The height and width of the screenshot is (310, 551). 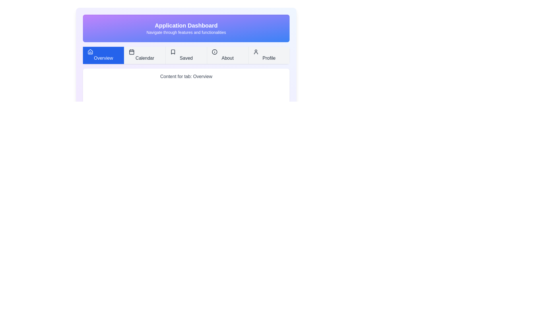 I want to click on the icon in the navigation bar that indicates saved items or bookmarks, located above the text labeled 'Saved'. It is the third item from the left, following 'Overview' and 'Calendar', so click(x=173, y=52).